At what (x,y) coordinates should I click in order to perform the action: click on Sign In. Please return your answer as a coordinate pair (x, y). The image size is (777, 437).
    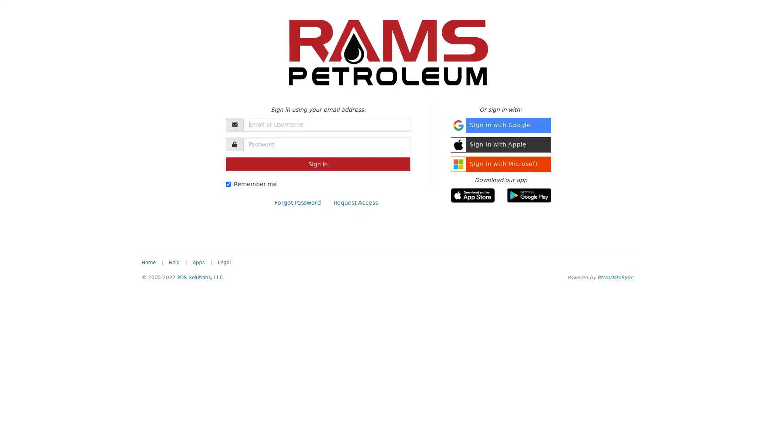
    Looking at the image, I should click on (318, 164).